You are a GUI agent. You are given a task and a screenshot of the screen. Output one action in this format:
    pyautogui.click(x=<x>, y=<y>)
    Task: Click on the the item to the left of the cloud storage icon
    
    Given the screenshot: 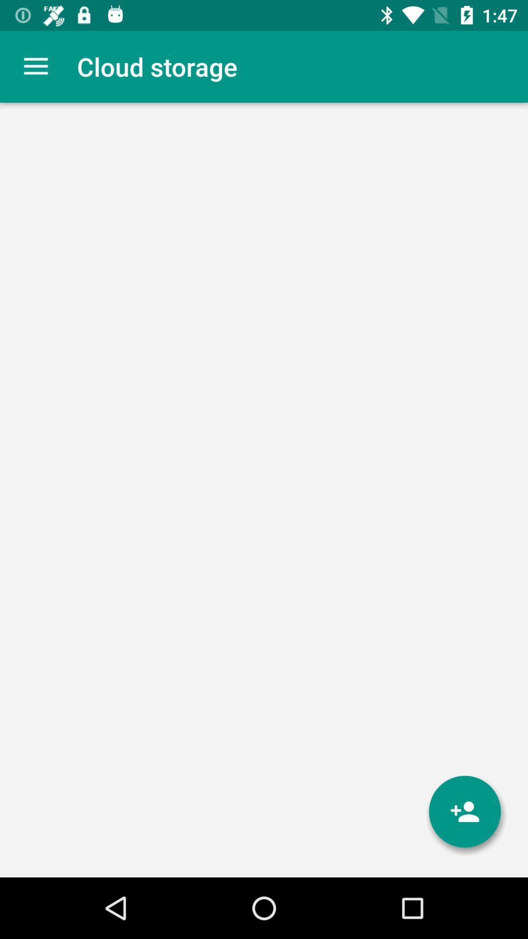 What is the action you would take?
    pyautogui.click(x=35, y=66)
    